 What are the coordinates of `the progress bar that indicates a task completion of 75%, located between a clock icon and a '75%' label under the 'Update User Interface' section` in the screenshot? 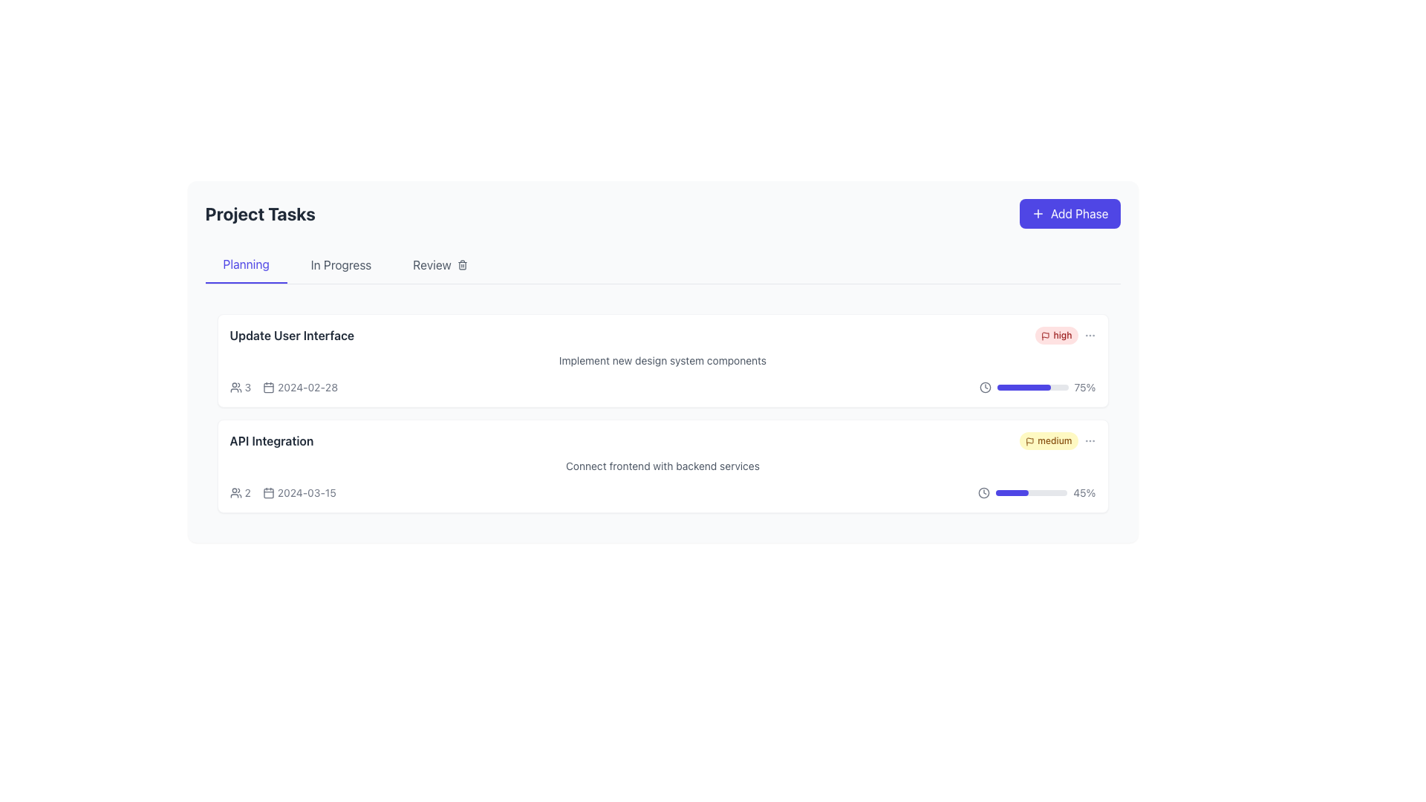 It's located at (1032, 386).